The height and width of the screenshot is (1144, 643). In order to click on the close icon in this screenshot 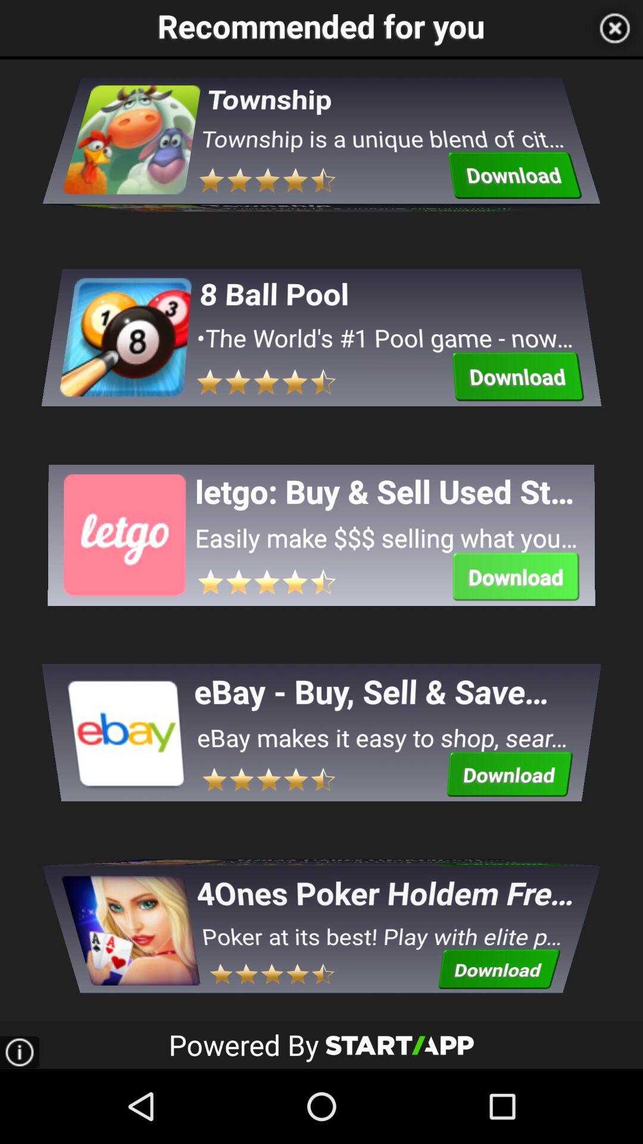, I will do `click(614, 30)`.